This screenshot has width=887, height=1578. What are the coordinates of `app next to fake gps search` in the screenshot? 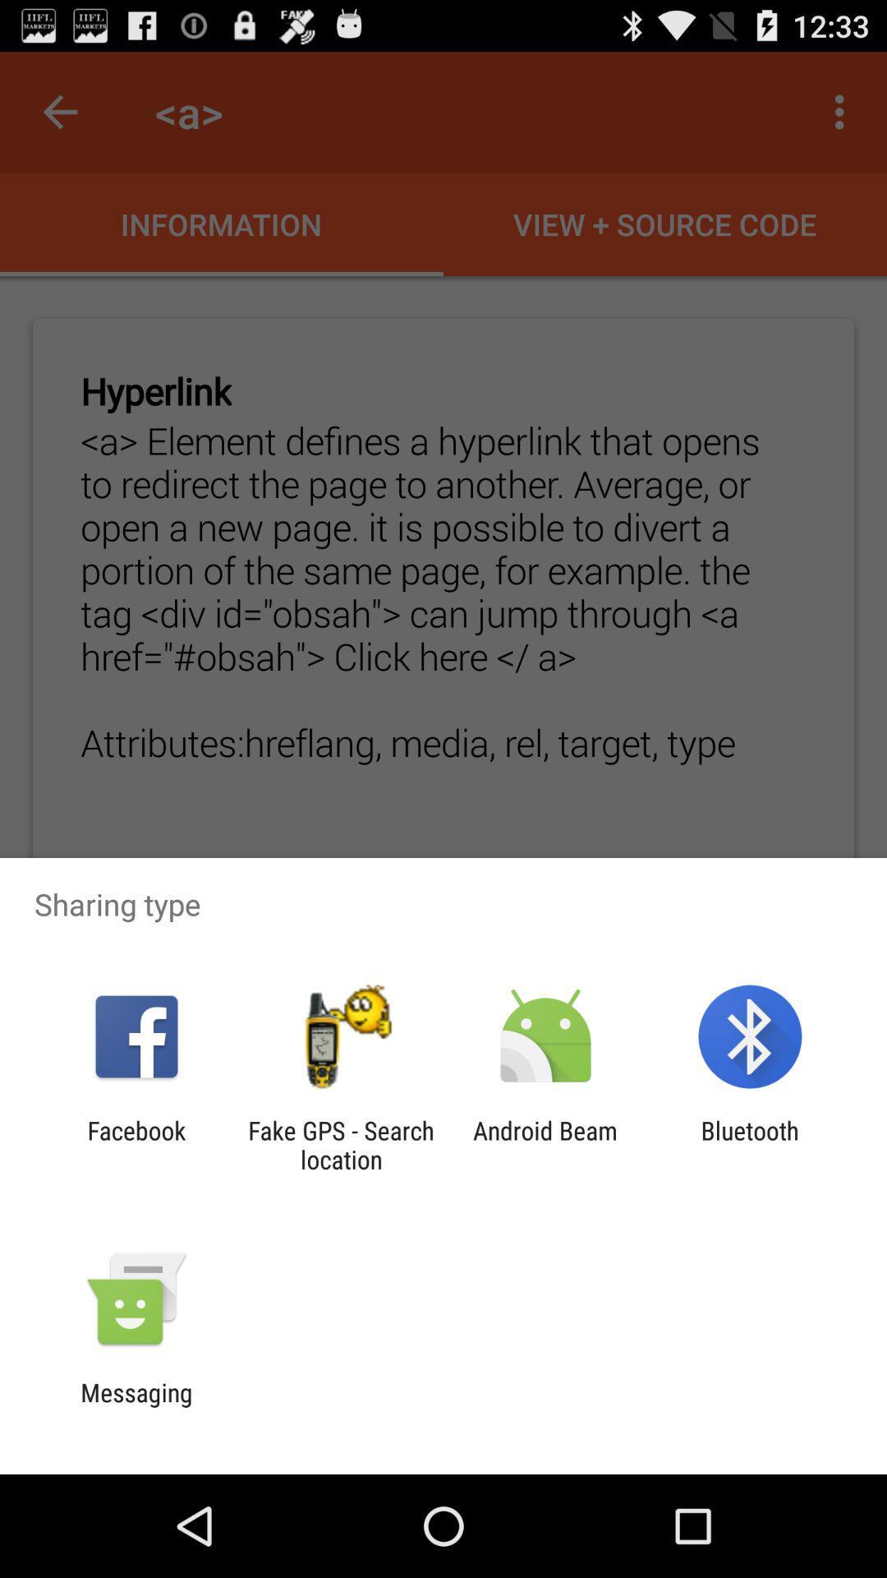 It's located at (136, 1144).